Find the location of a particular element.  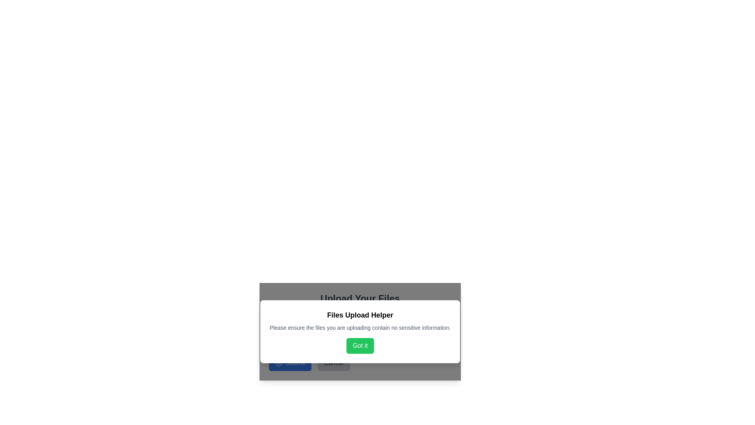

the circular icon with a plus sign inside it, located within the 'Submit' button in the bottom-left portion of the 'Files Upload Helper' modal is located at coordinates (279, 363).